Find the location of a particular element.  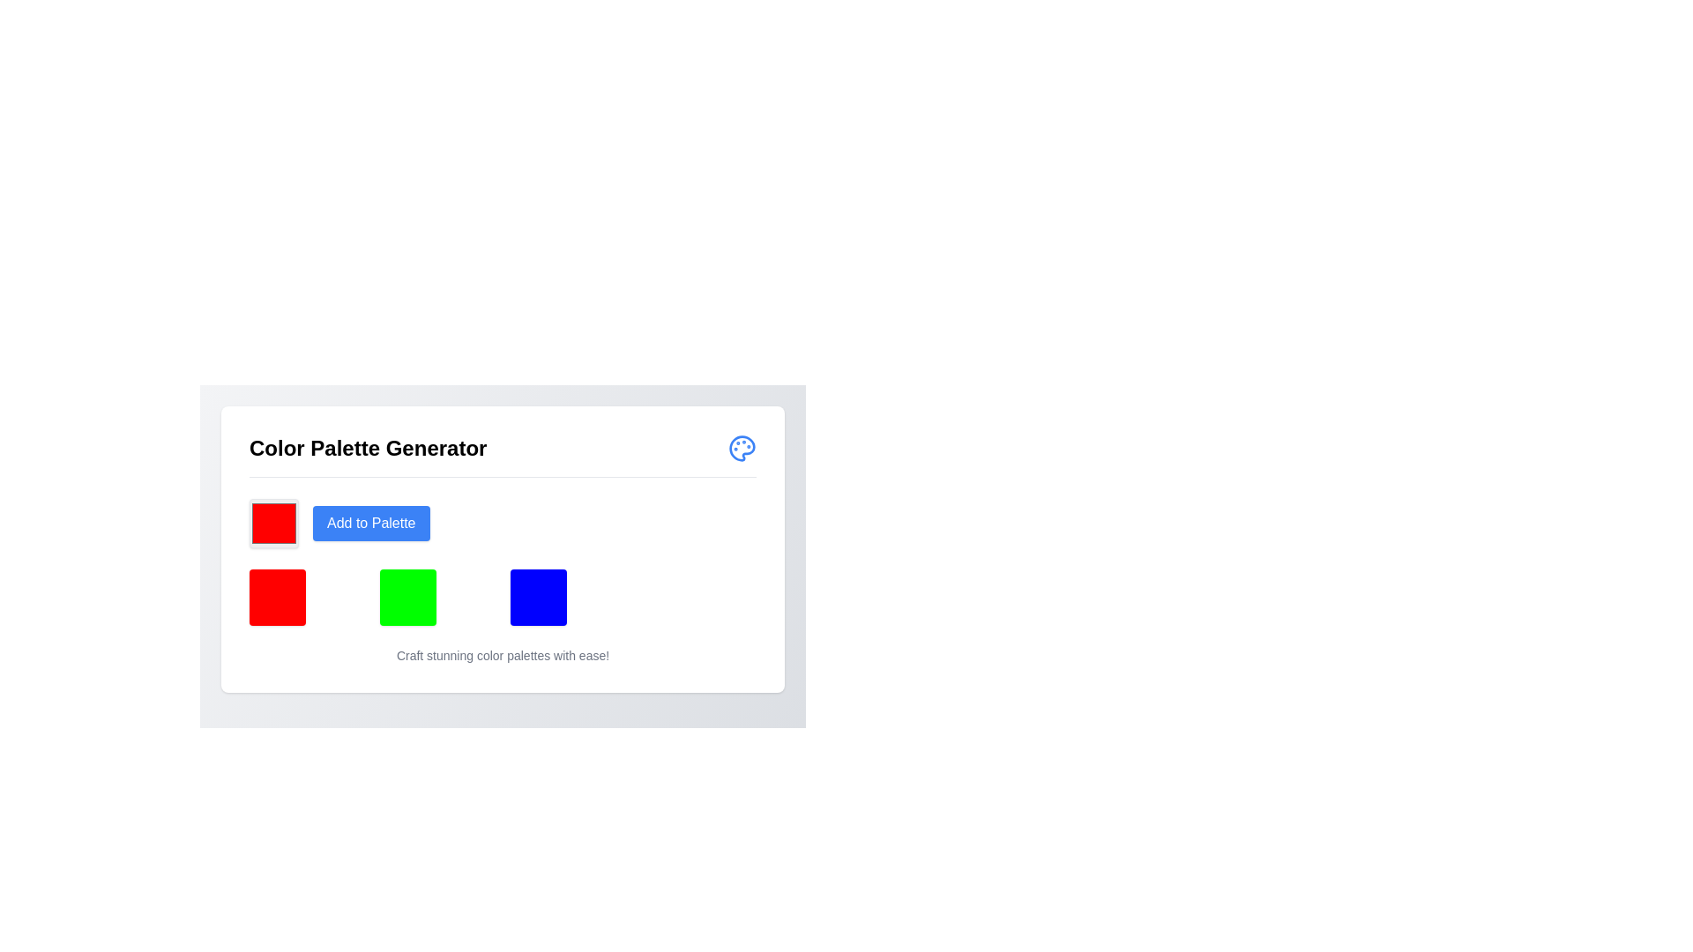

the static display element, which is the second square in a row of three, with a bright green background and rounded corners, positioned between a red square on the left and a blue square on the right is located at coordinates (406, 597).